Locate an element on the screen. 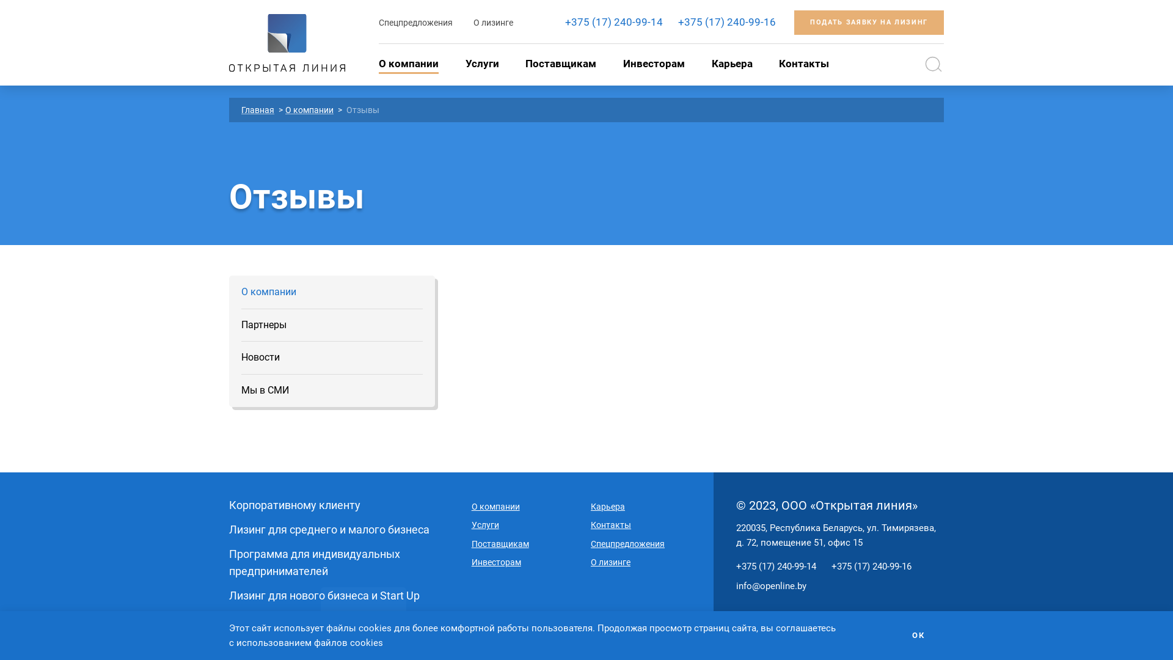  '+375 (17) 240-99-16' is located at coordinates (871, 566).